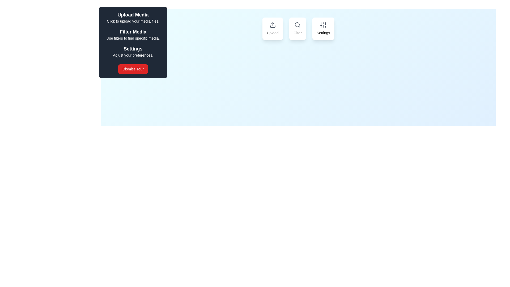  Describe the element at coordinates (133, 32) in the screenshot. I see `the Header Text that introduces the purpose or theme of the content below` at that location.